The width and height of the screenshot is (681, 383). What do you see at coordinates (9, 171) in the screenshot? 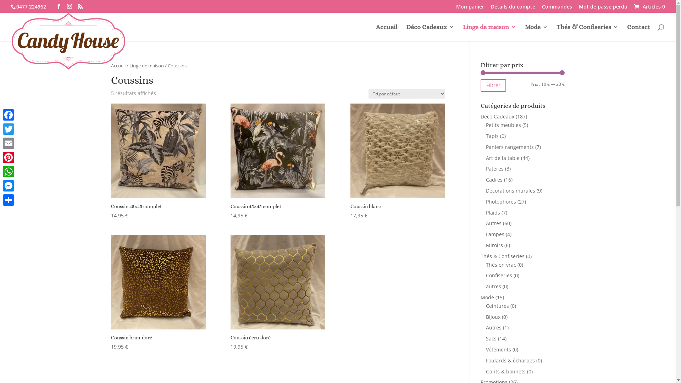
I see `'WhatsApp'` at bounding box center [9, 171].